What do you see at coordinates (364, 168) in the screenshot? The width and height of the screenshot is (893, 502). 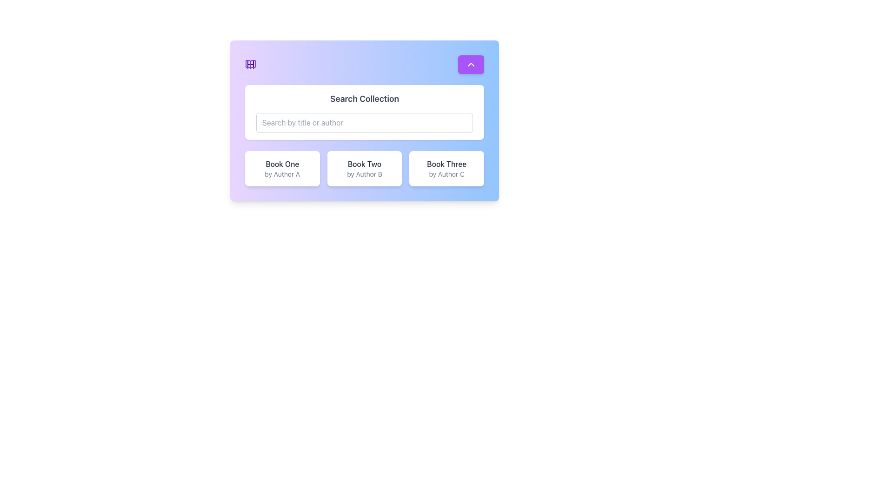 I see `the informational card displaying details about a specific book, located in the middle column of a three-column grid layout` at bounding box center [364, 168].